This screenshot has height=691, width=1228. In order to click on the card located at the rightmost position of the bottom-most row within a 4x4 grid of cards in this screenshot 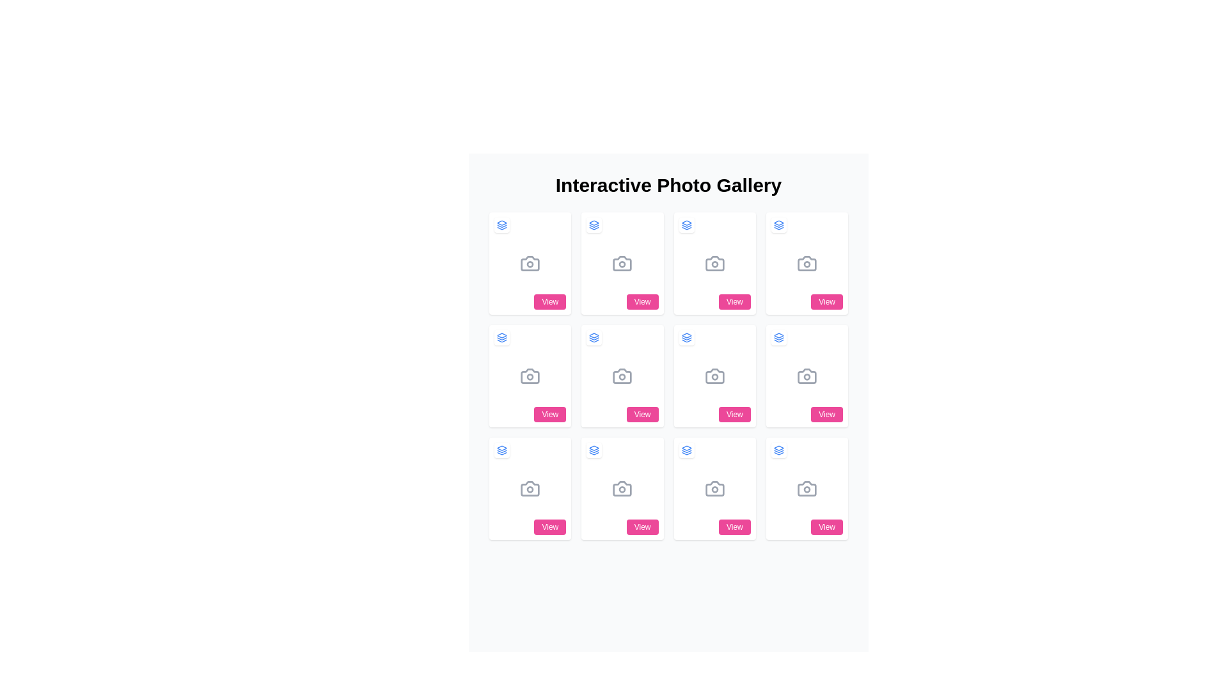, I will do `click(806, 488)`.